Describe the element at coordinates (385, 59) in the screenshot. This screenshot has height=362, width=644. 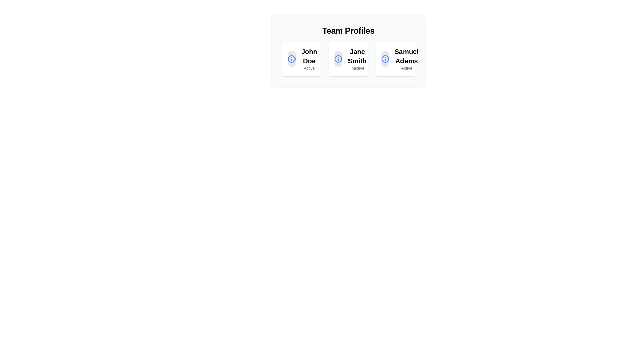
I see `the circular icon with a blue outline and a white interior, featuring a centered exclamation mark, located to the left of 'John Doe' in the 'Team Profiles' section` at that location.